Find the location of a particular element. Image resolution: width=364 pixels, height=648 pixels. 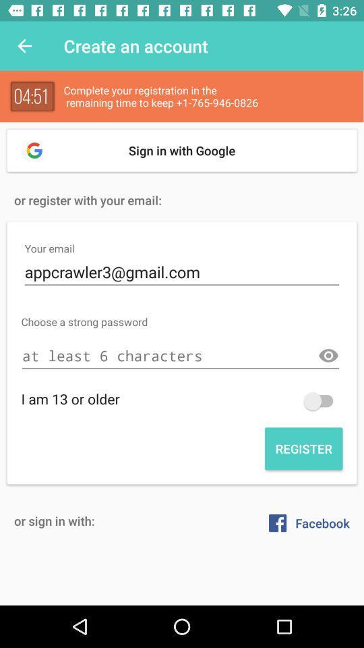

go back is located at coordinates (321, 401).